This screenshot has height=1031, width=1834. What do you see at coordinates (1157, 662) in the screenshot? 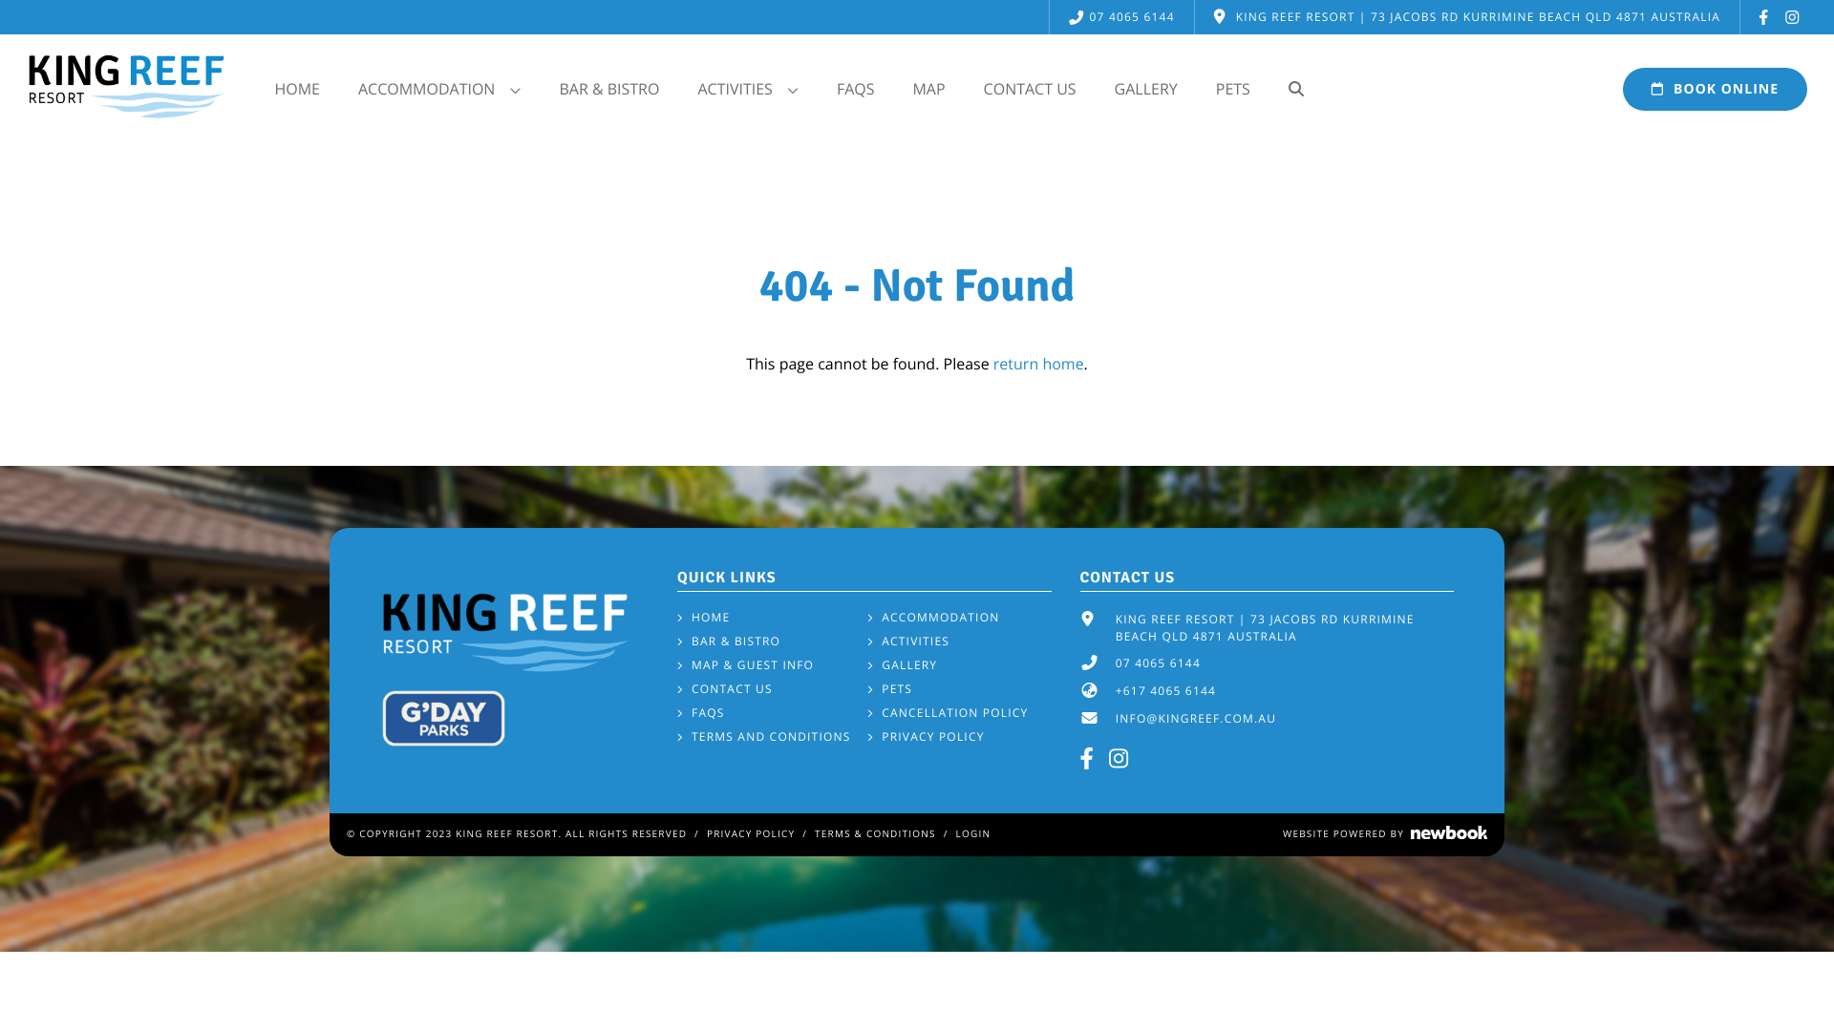
I see `'07 4065 6144'` at bounding box center [1157, 662].